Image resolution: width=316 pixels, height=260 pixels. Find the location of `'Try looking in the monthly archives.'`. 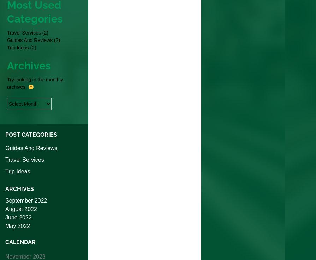

'Try looking in the monthly archives.' is located at coordinates (35, 83).